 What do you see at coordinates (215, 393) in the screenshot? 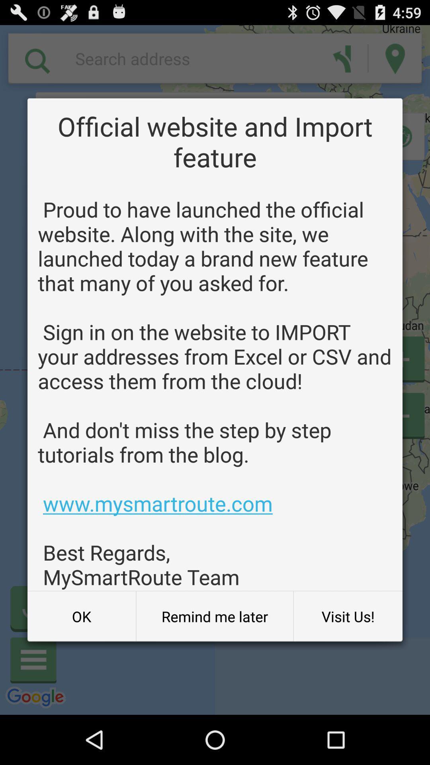
I see `the item below official website and item` at bounding box center [215, 393].